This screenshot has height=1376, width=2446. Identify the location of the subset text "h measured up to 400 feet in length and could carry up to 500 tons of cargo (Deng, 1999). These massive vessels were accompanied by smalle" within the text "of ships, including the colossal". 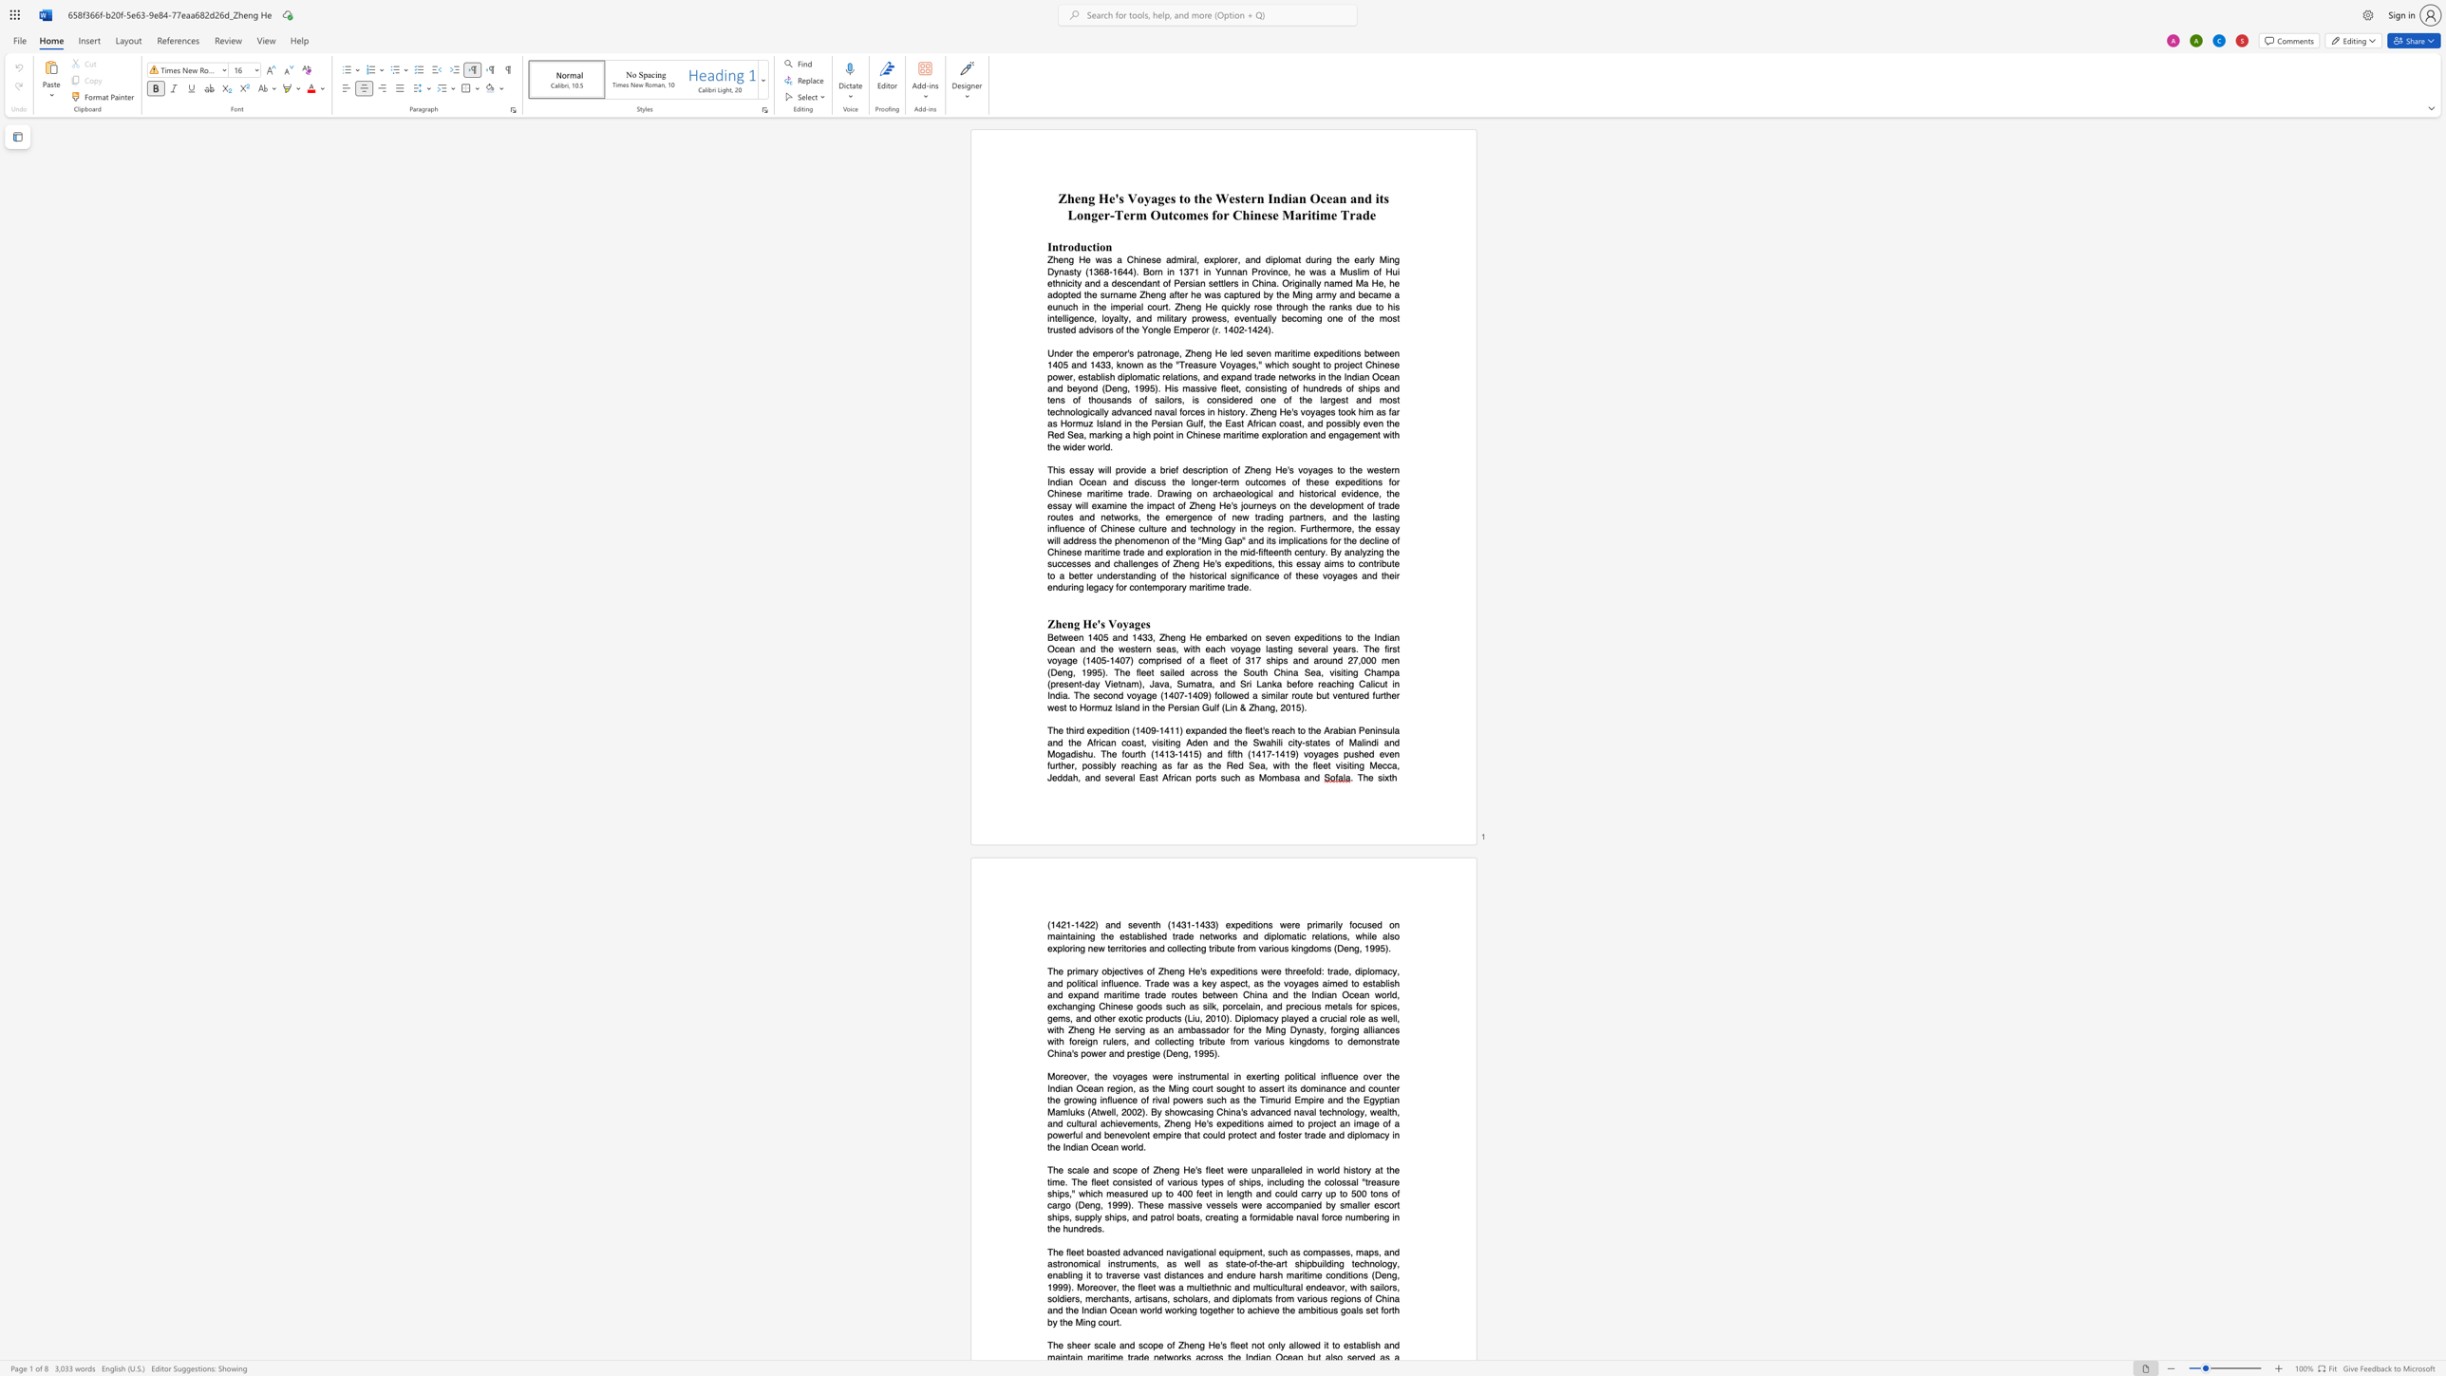
(1097, 1193).